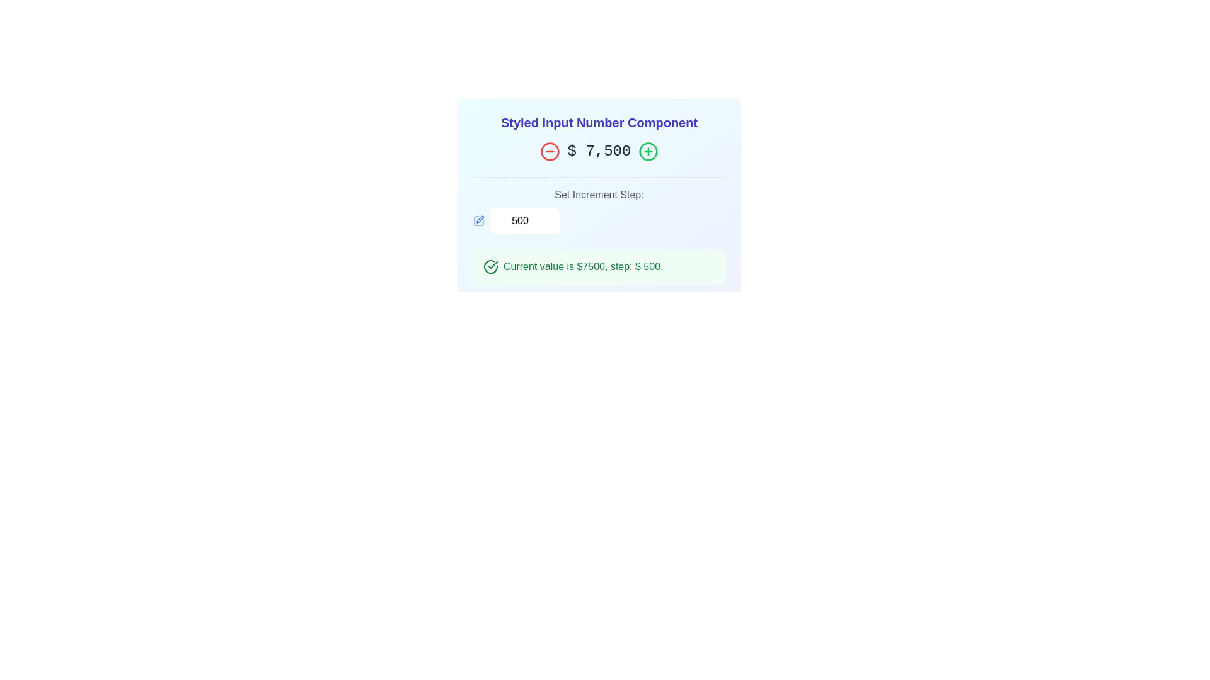 The height and width of the screenshot is (680, 1210). What do you see at coordinates (490, 266) in the screenshot?
I see `the graphical icon (SVG component) that indicates a successful status, located in the header of the 'Styled Input Number Component' interface, next to the text 'Current value is $7500, step: $500.'` at bounding box center [490, 266].